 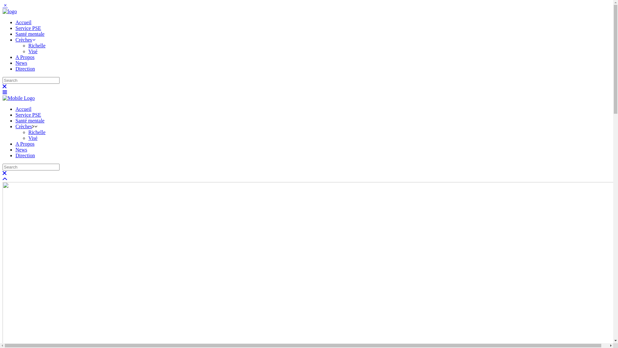 I want to click on 'News', so click(x=21, y=150).